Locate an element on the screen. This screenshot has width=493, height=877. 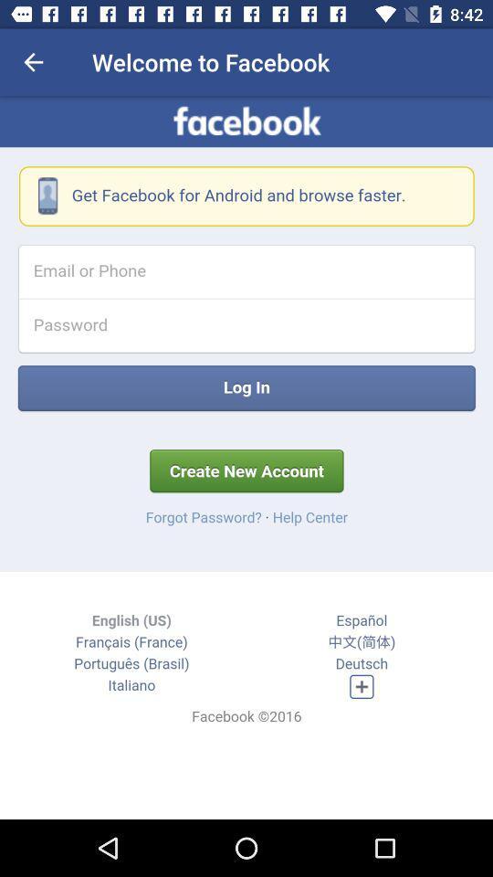
facebook log in page is located at coordinates (246, 457).